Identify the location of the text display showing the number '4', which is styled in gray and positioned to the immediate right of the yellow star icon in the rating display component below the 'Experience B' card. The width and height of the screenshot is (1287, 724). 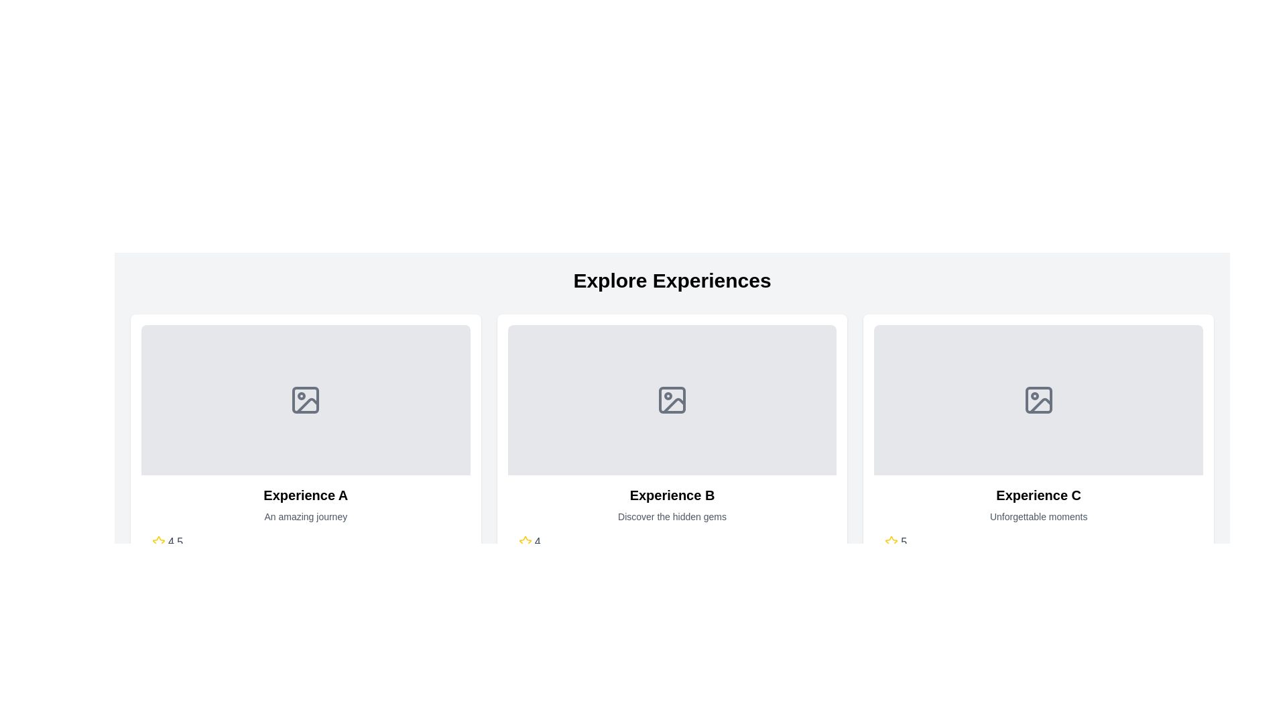
(538, 542).